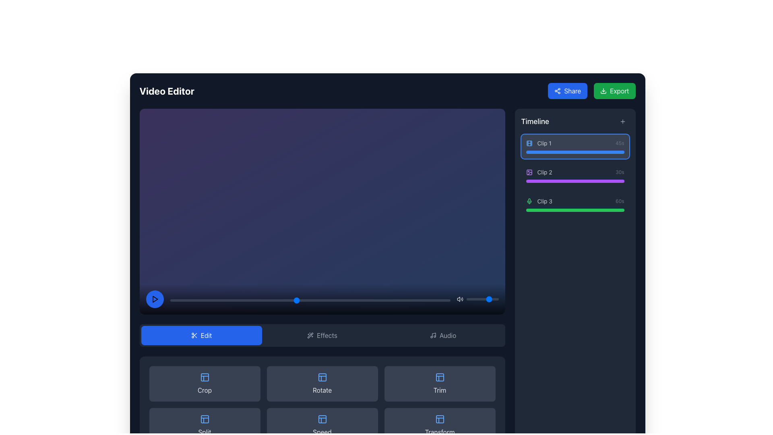 Image resolution: width=773 pixels, height=435 pixels. Describe the element at coordinates (322, 211) in the screenshot. I see `the Video Player Area to interact with the playback controls located below it` at that location.